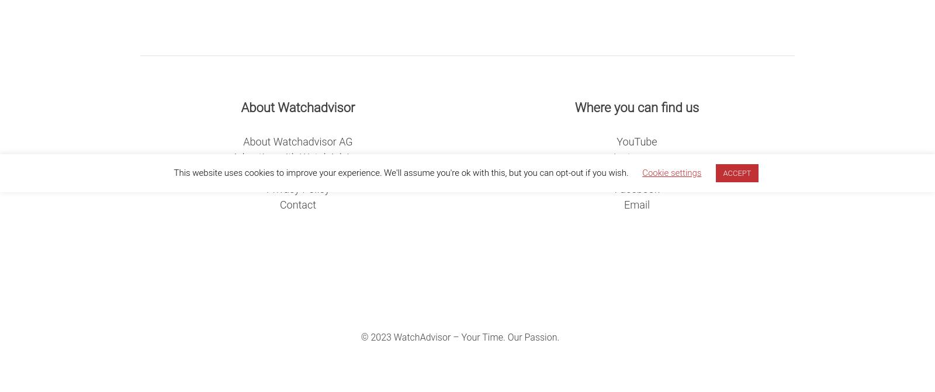 This screenshot has width=935, height=392. I want to click on 'Privacy Policy', so click(297, 188).